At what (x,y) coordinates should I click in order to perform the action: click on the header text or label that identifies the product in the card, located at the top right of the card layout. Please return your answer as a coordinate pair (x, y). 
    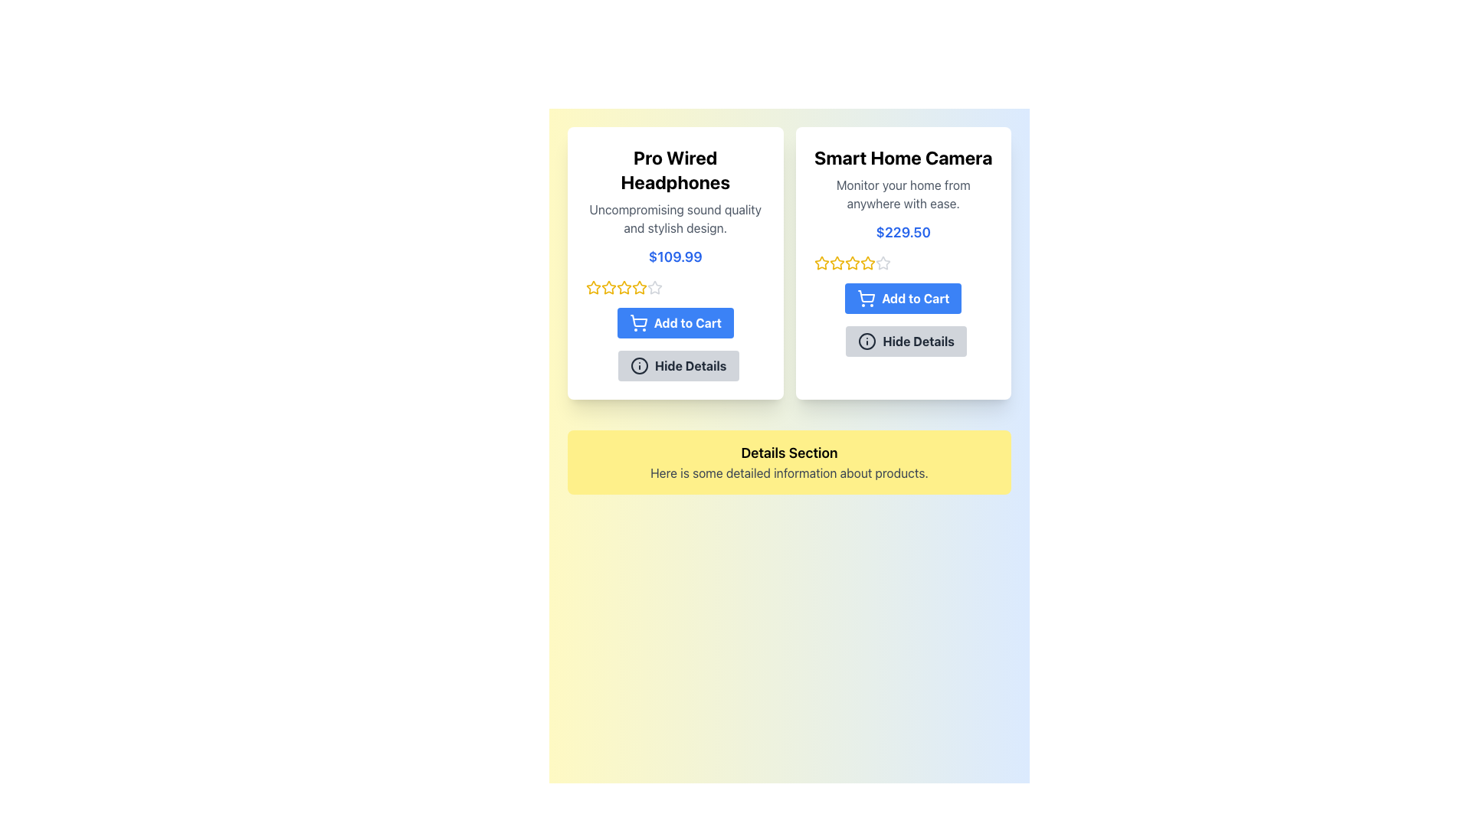
    Looking at the image, I should click on (903, 157).